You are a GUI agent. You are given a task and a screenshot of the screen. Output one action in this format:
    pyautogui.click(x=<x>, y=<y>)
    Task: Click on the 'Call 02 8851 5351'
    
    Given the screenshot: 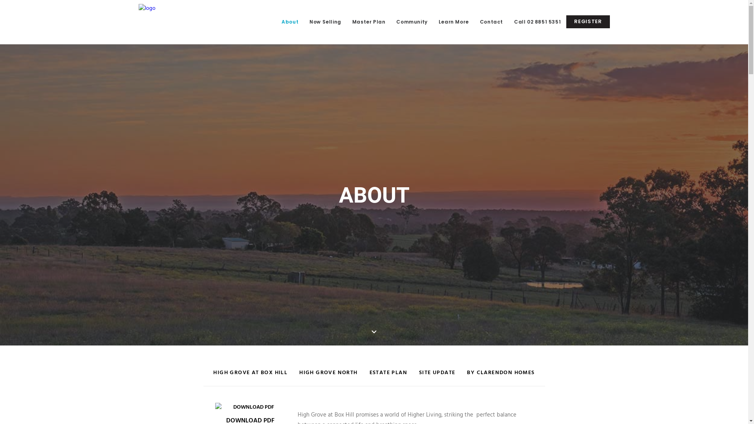 What is the action you would take?
    pyautogui.click(x=537, y=22)
    